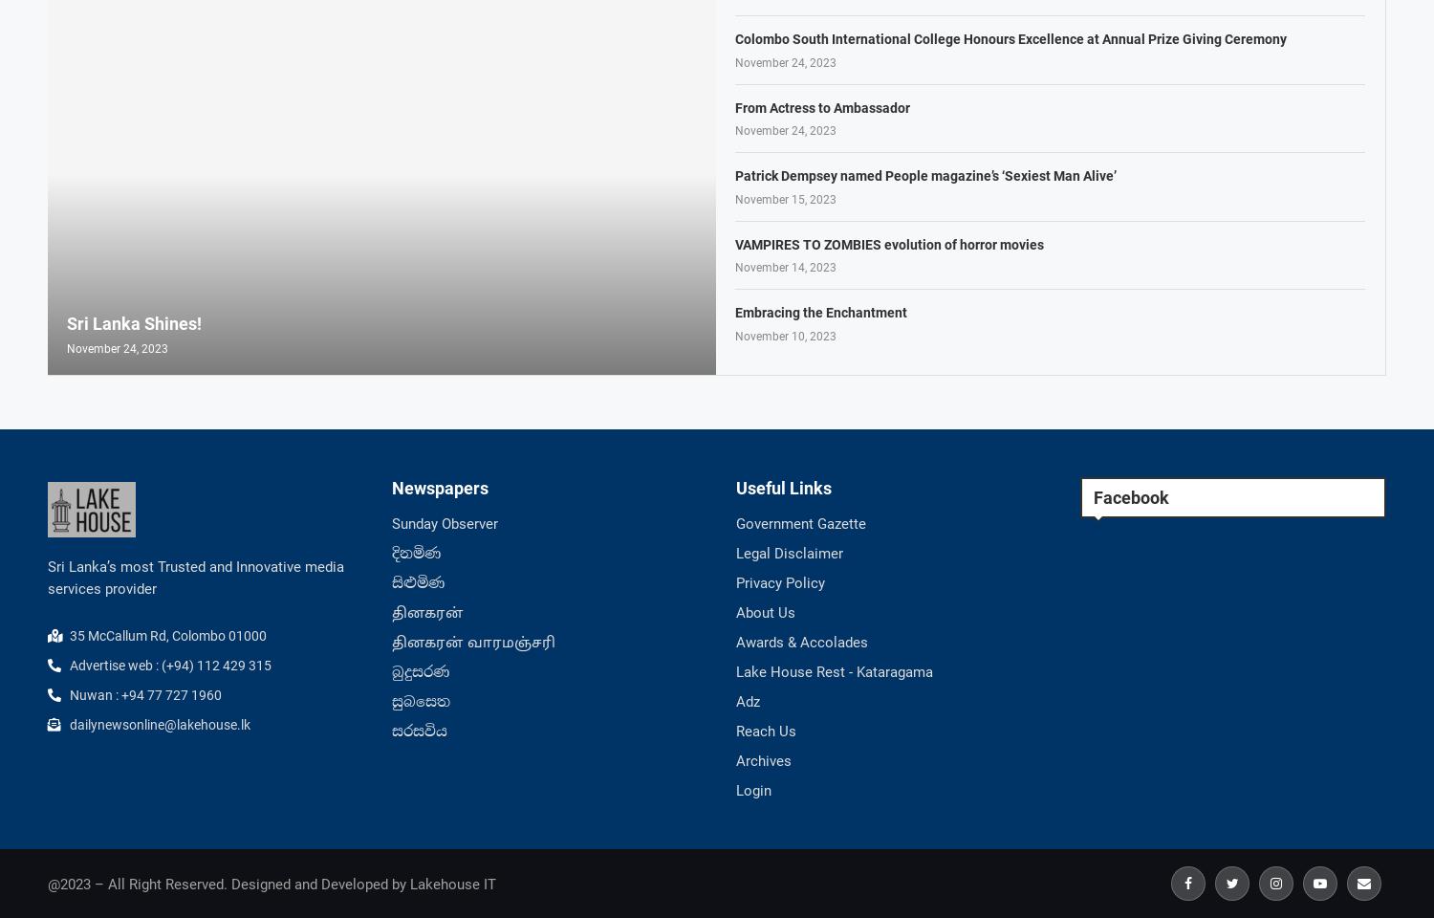  Describe the element at coordinates (444, 523) in the screenshot. I see `'Sunday Observer'` at that location.